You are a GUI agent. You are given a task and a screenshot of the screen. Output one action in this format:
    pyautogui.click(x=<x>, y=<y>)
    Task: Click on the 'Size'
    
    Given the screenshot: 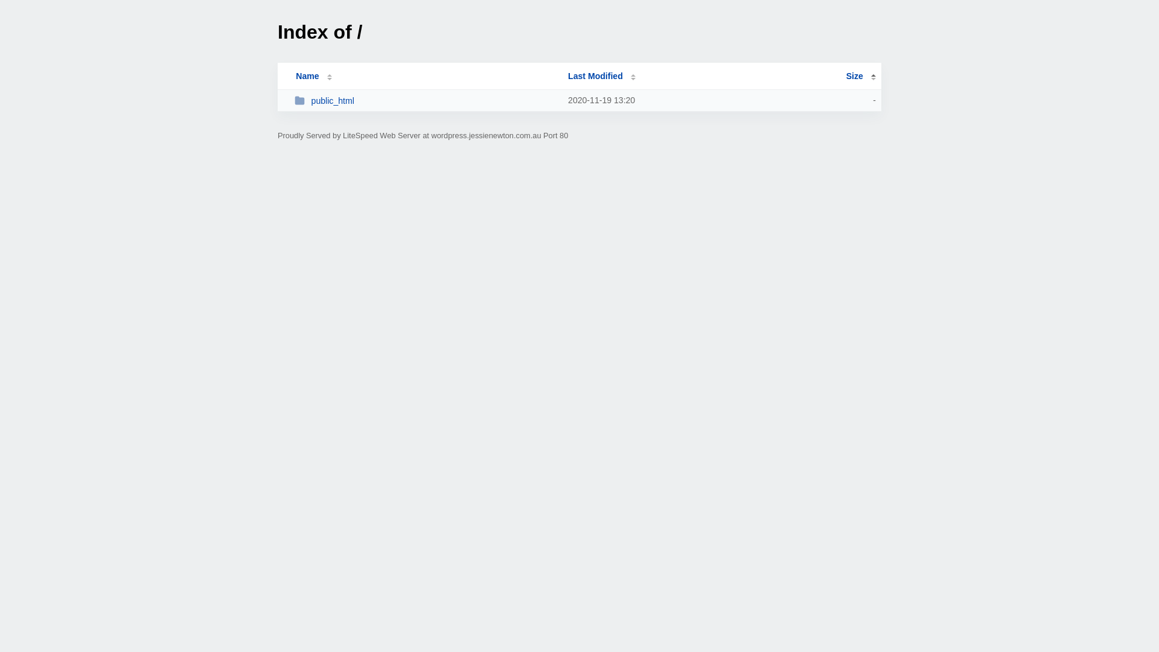 What is the action you would take?
    pyautogui.click(x=845, y=76)
    